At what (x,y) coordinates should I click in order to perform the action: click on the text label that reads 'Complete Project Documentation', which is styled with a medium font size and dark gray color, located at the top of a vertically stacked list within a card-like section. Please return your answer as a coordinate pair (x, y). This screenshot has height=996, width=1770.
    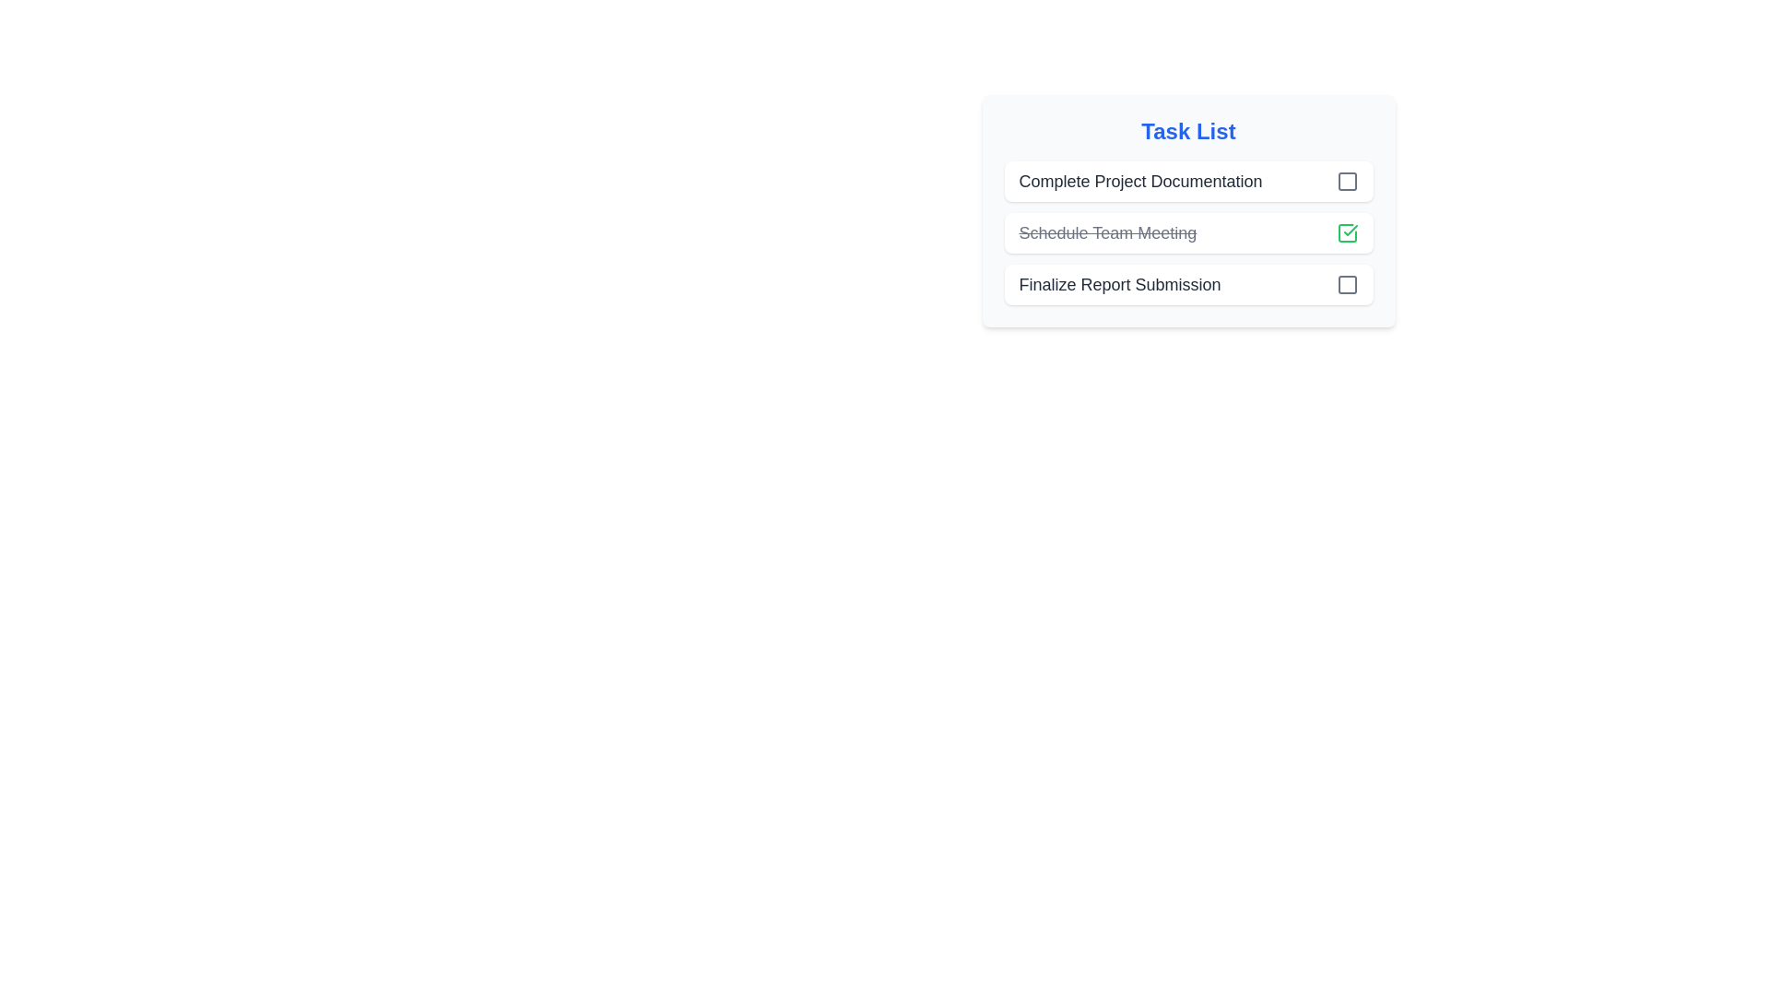
    Looking at the image, I should click on (1139, 181).